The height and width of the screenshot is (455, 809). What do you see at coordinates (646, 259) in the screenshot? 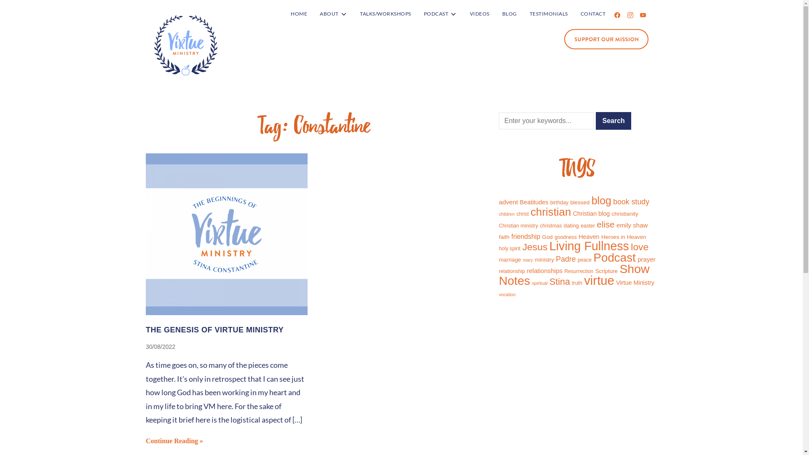
I see `'prayer'` at bounding box center [646, 259].